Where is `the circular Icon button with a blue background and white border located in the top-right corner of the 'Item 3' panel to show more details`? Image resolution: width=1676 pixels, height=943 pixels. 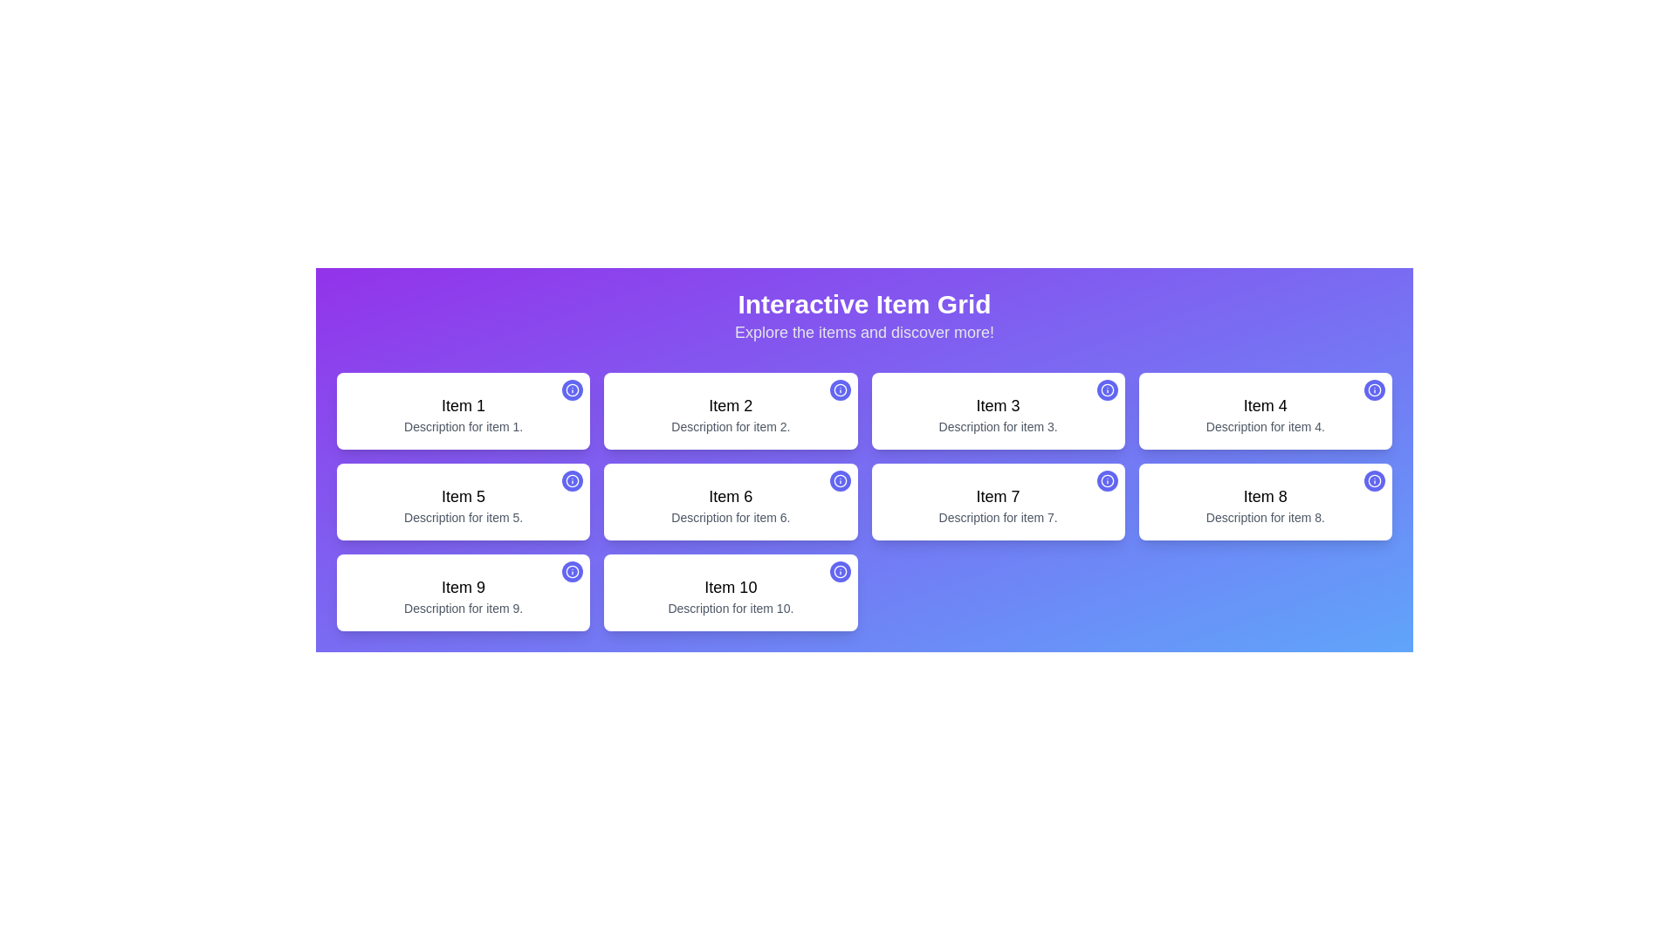
the circular Icon button with a blue background and white border located in the top-right corner of the 'Item 3' panel to show more details is located at coordinates (1106, 389).